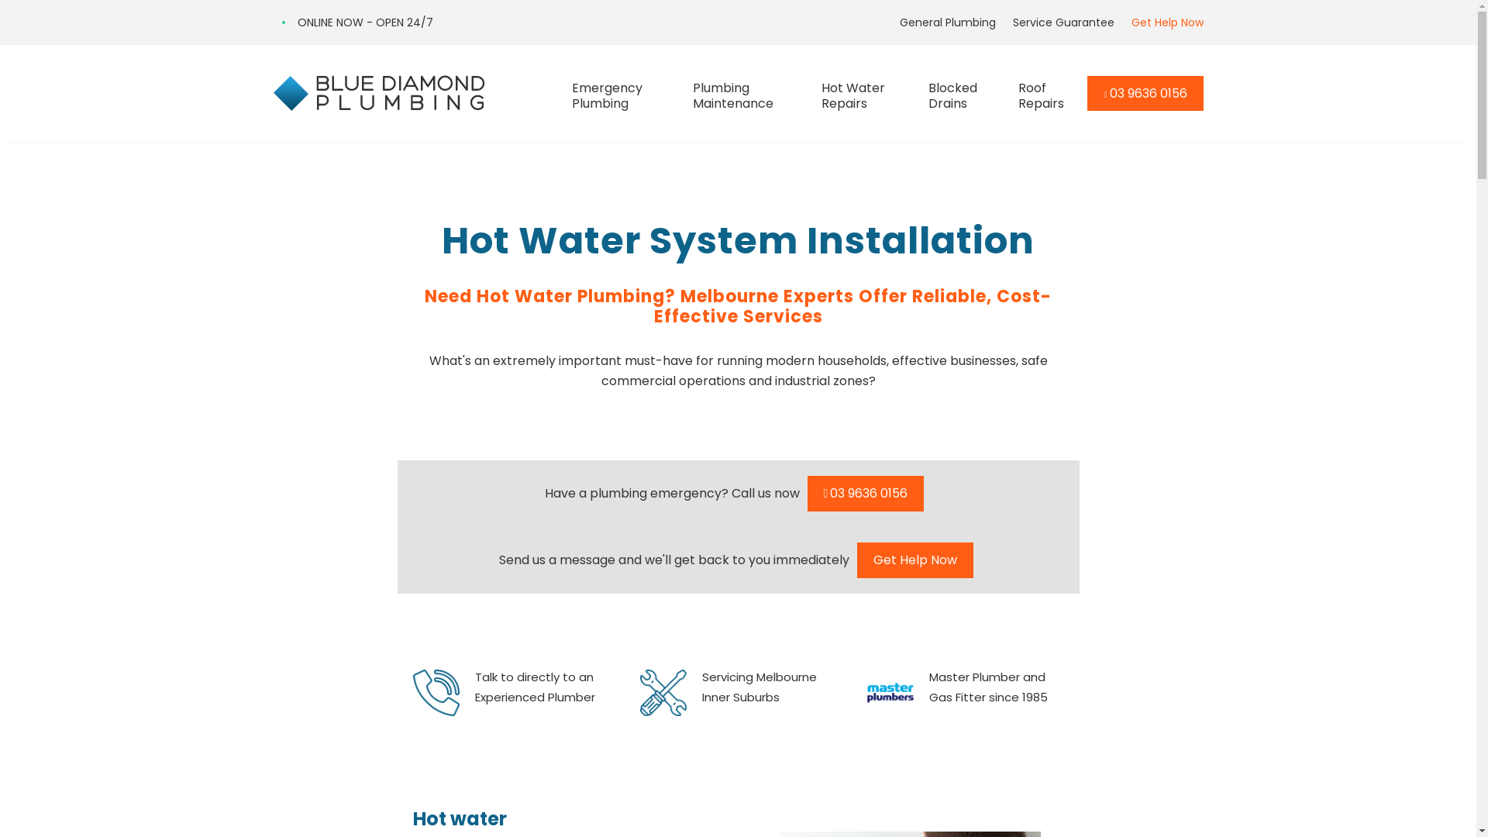 The image size is (1488, 837). What do you see at coordinates (914, 560) in the screenshot?
I see `'Get Help Now'` at bounding box center [914, 560].